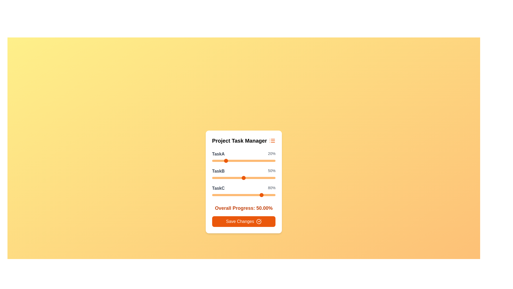 This screenshot has width=513, height=289. What do you see at coordinates (234, 161) in the screenshot?
I see `the TaskA slider to 34%` at bounding box center [234, 161].